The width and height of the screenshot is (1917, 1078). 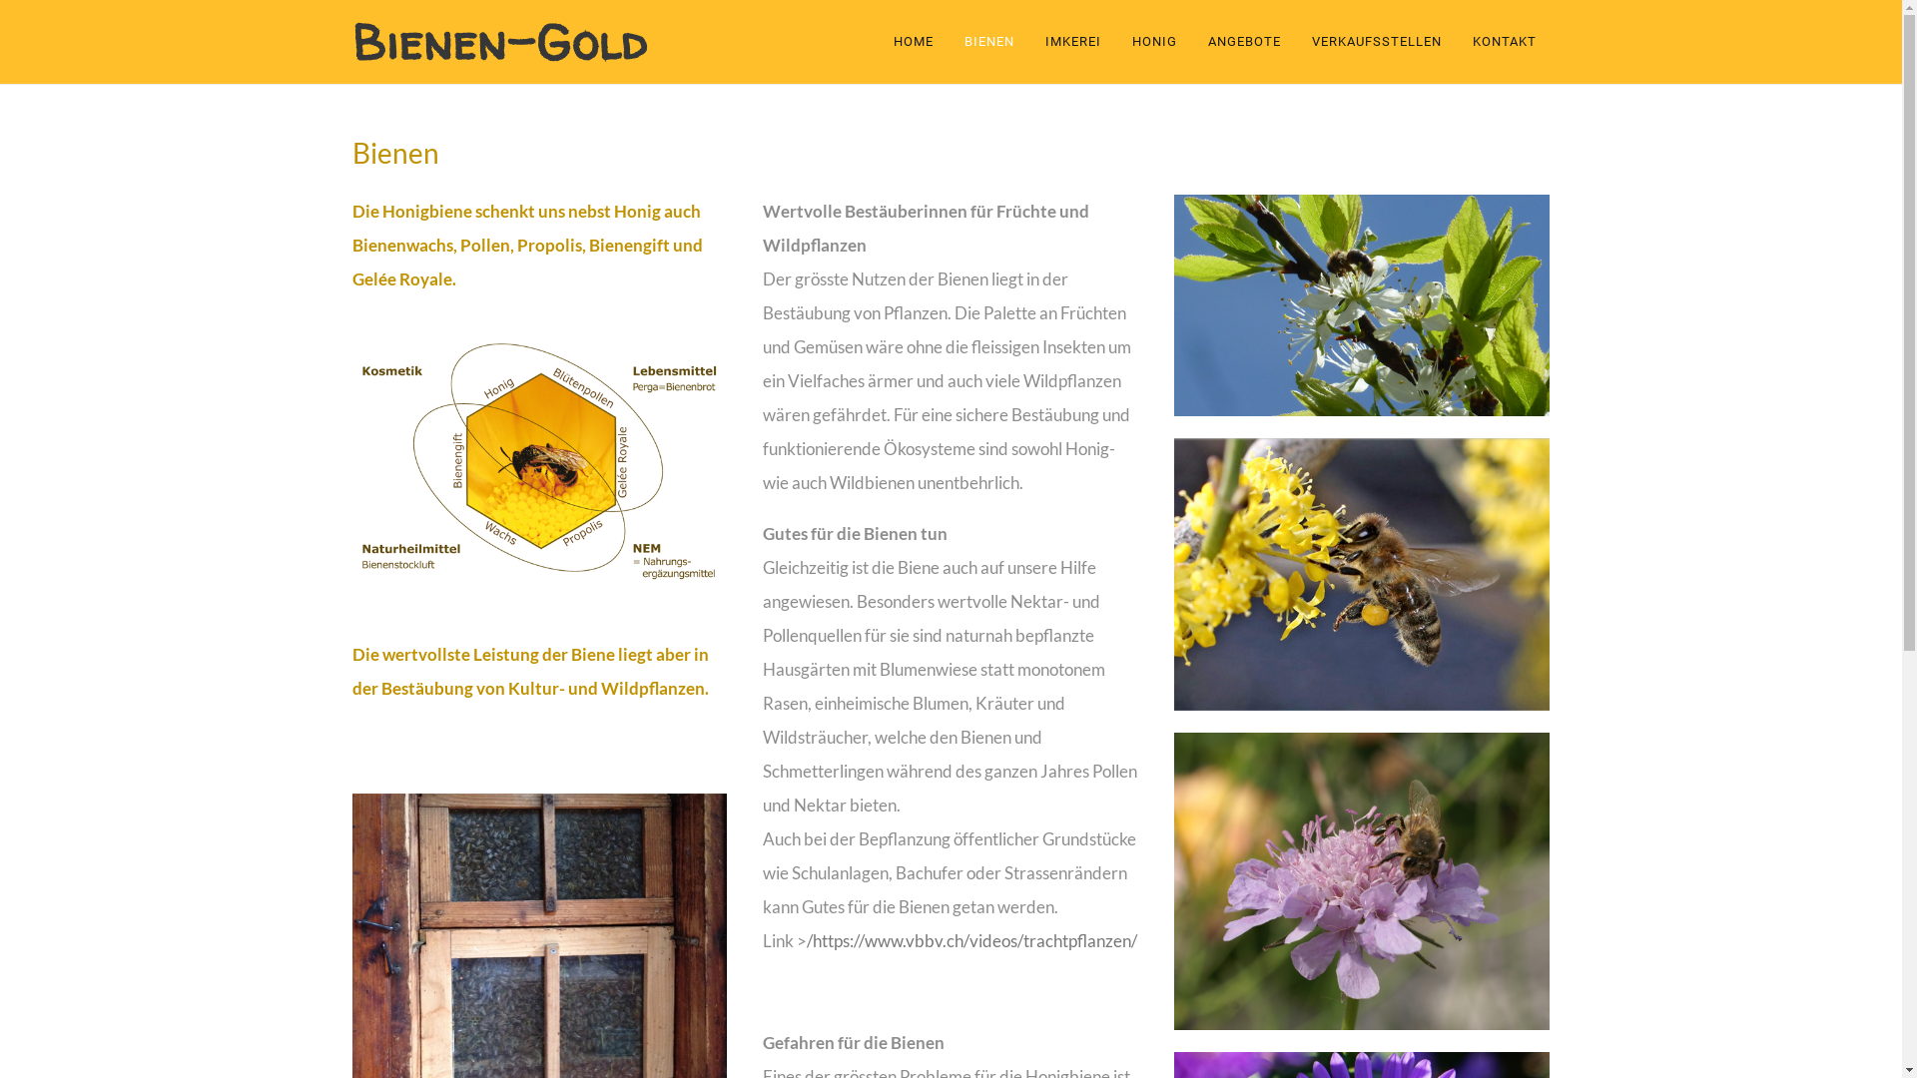 I want to click on 'KONTAKT', so click(x=1504, y=42).